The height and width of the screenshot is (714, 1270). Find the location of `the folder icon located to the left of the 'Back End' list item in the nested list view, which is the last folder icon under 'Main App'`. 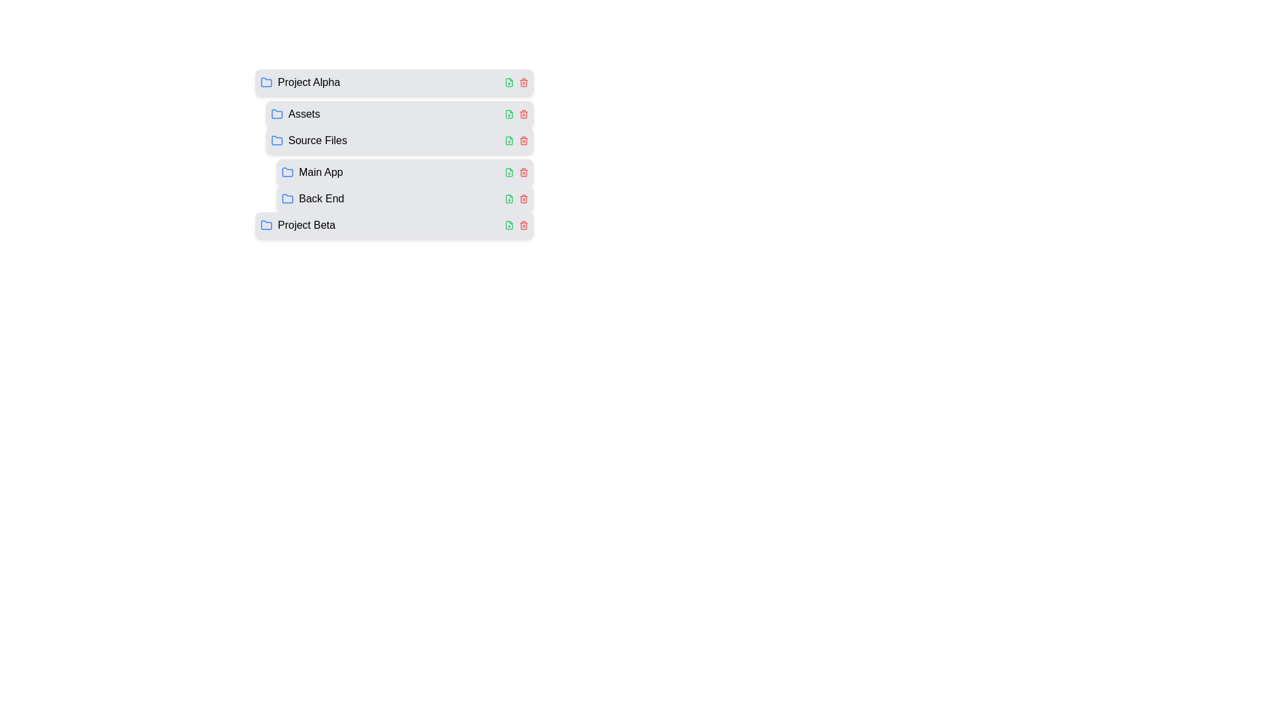

the folder icon located to the left of the 'Back End' list item in the nested list view, which is the last folder icon under 'Main App' is located at coordinates (287, 198).